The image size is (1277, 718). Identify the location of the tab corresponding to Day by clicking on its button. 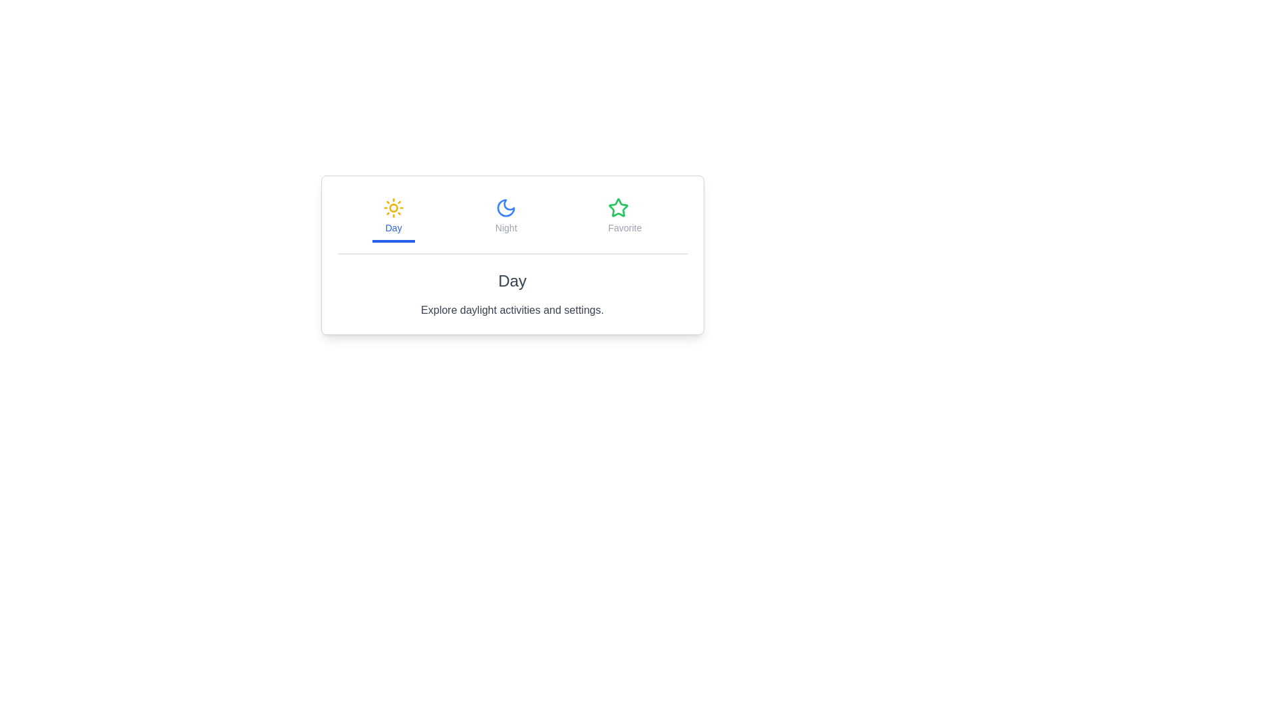
(392, 217).